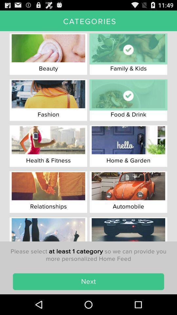 The height and width of the screenshot is (315, 177). Describe the element at coordinates (88, 281) in the screenshot. I see `the next item` at that location.